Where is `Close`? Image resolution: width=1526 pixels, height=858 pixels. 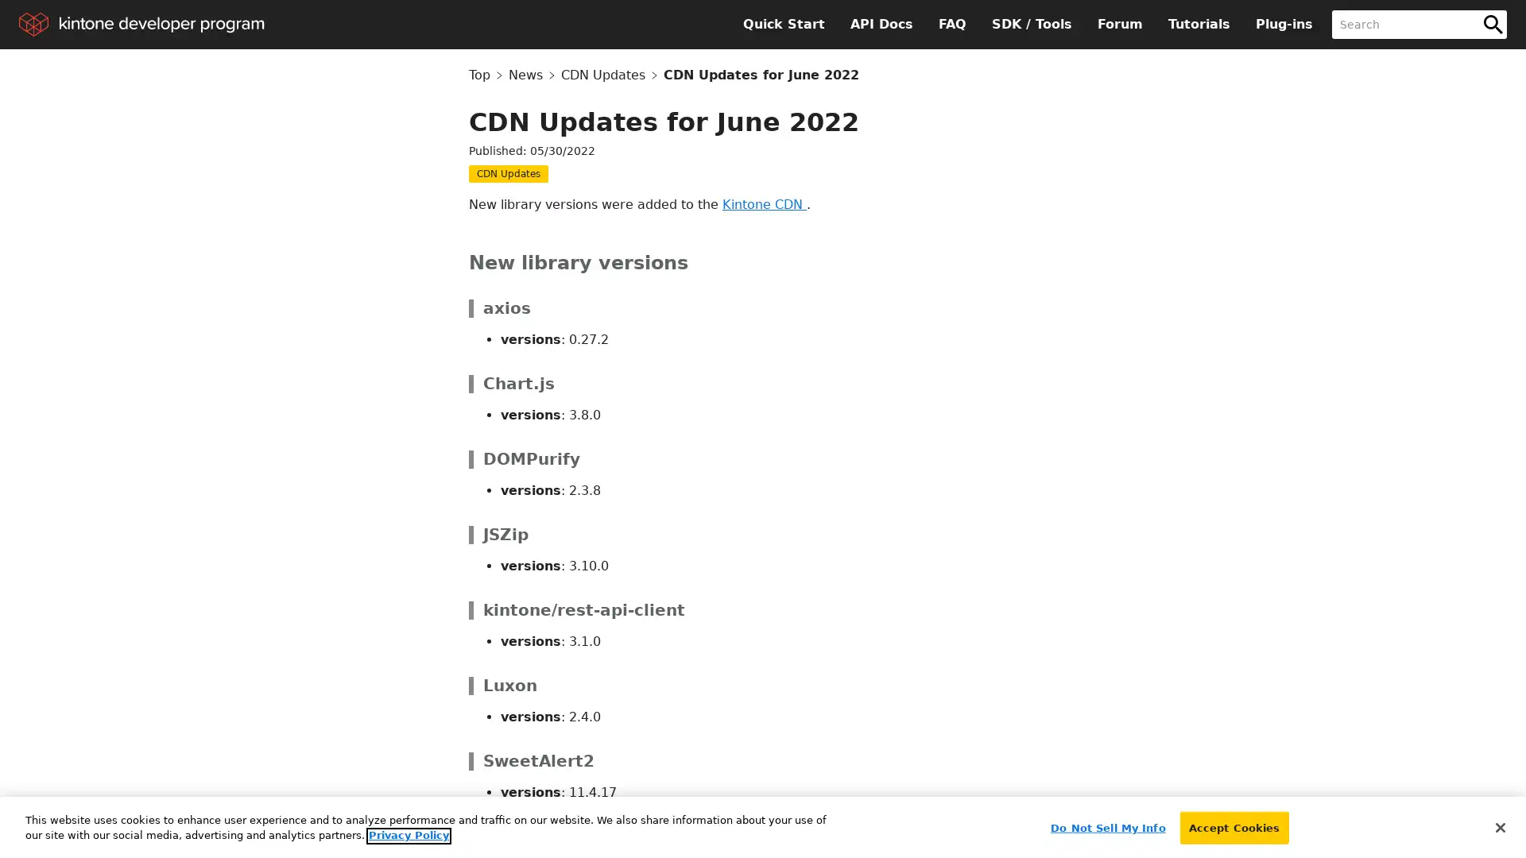 Close is located at coordinates (1499, 822).